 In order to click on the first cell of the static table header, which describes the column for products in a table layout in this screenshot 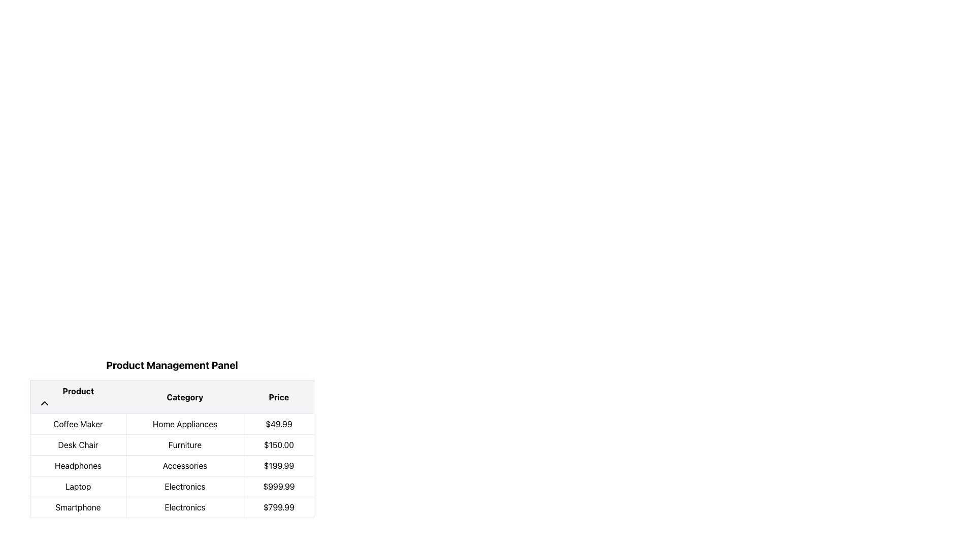, I will do `click(77, 397)`.